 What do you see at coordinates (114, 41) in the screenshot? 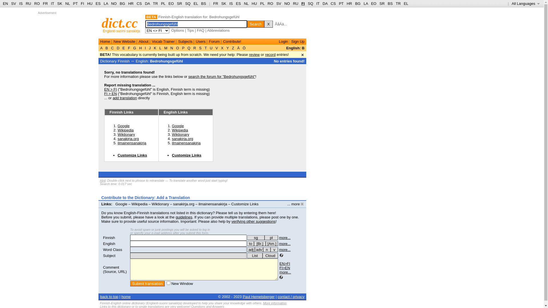
I see `'New Website'` at bounding box center [114, 41].